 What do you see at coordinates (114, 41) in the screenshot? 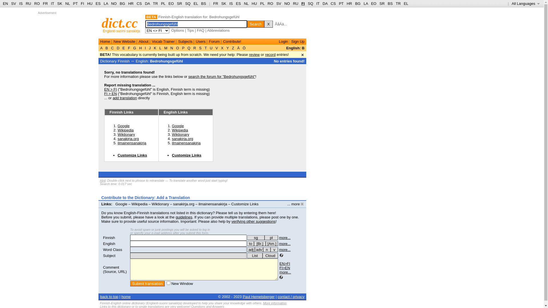
I see `'New Website'` at bounding box center [114, 41].